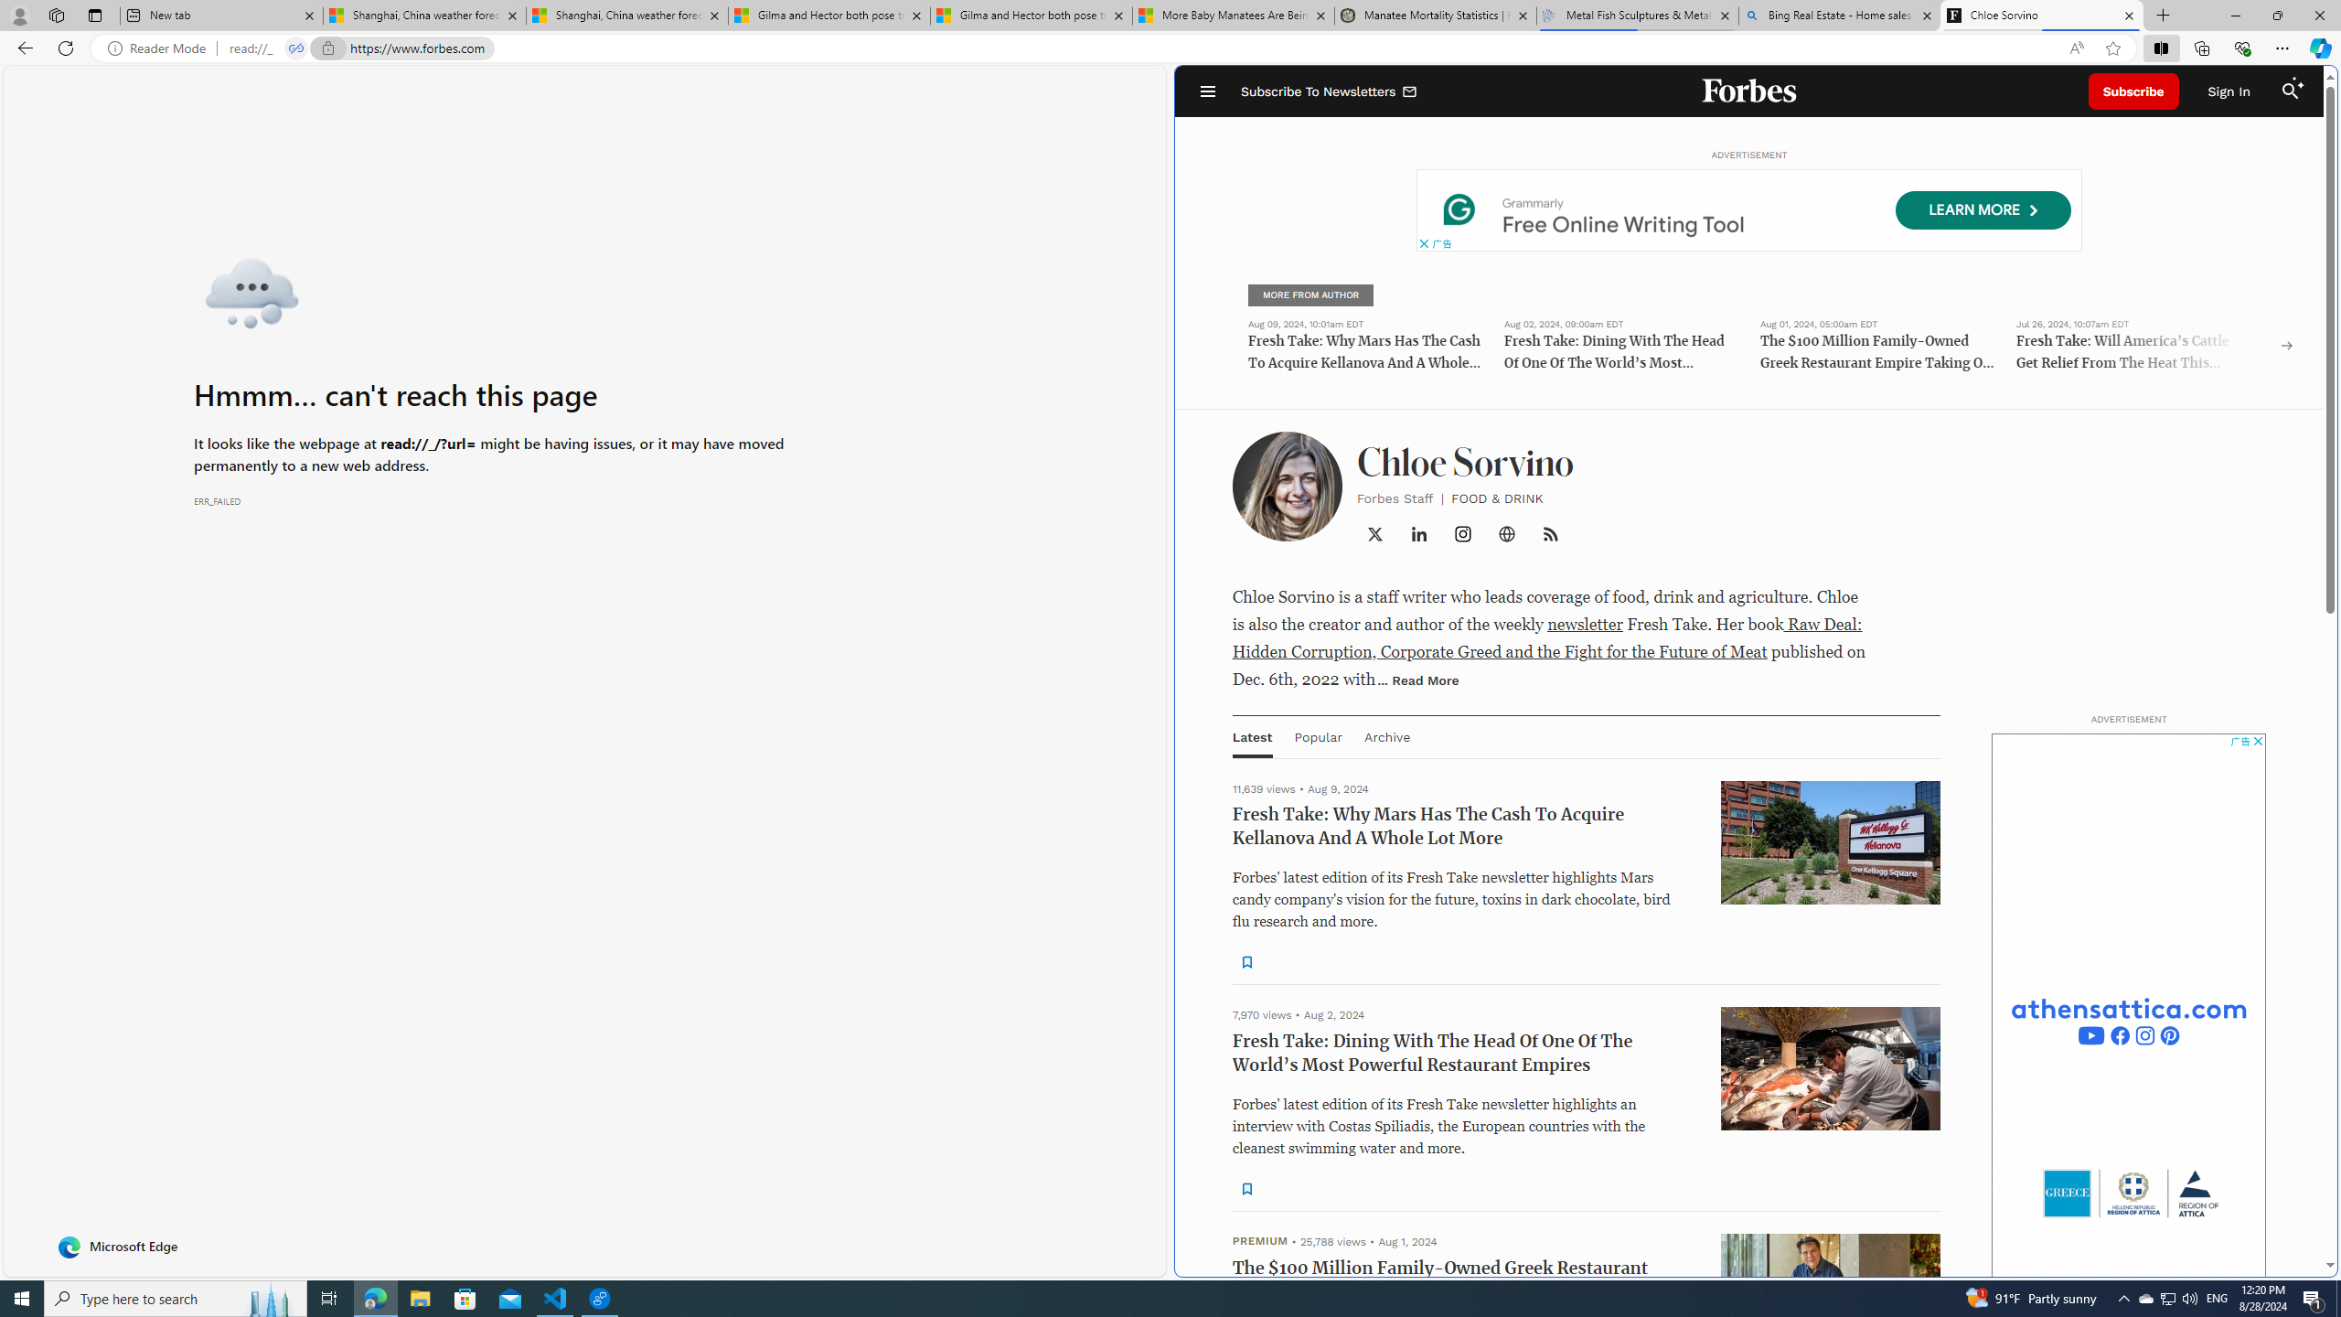  I want to click on 'Bing Real Estate - Home sales and rental listings', so click(1837, 15).